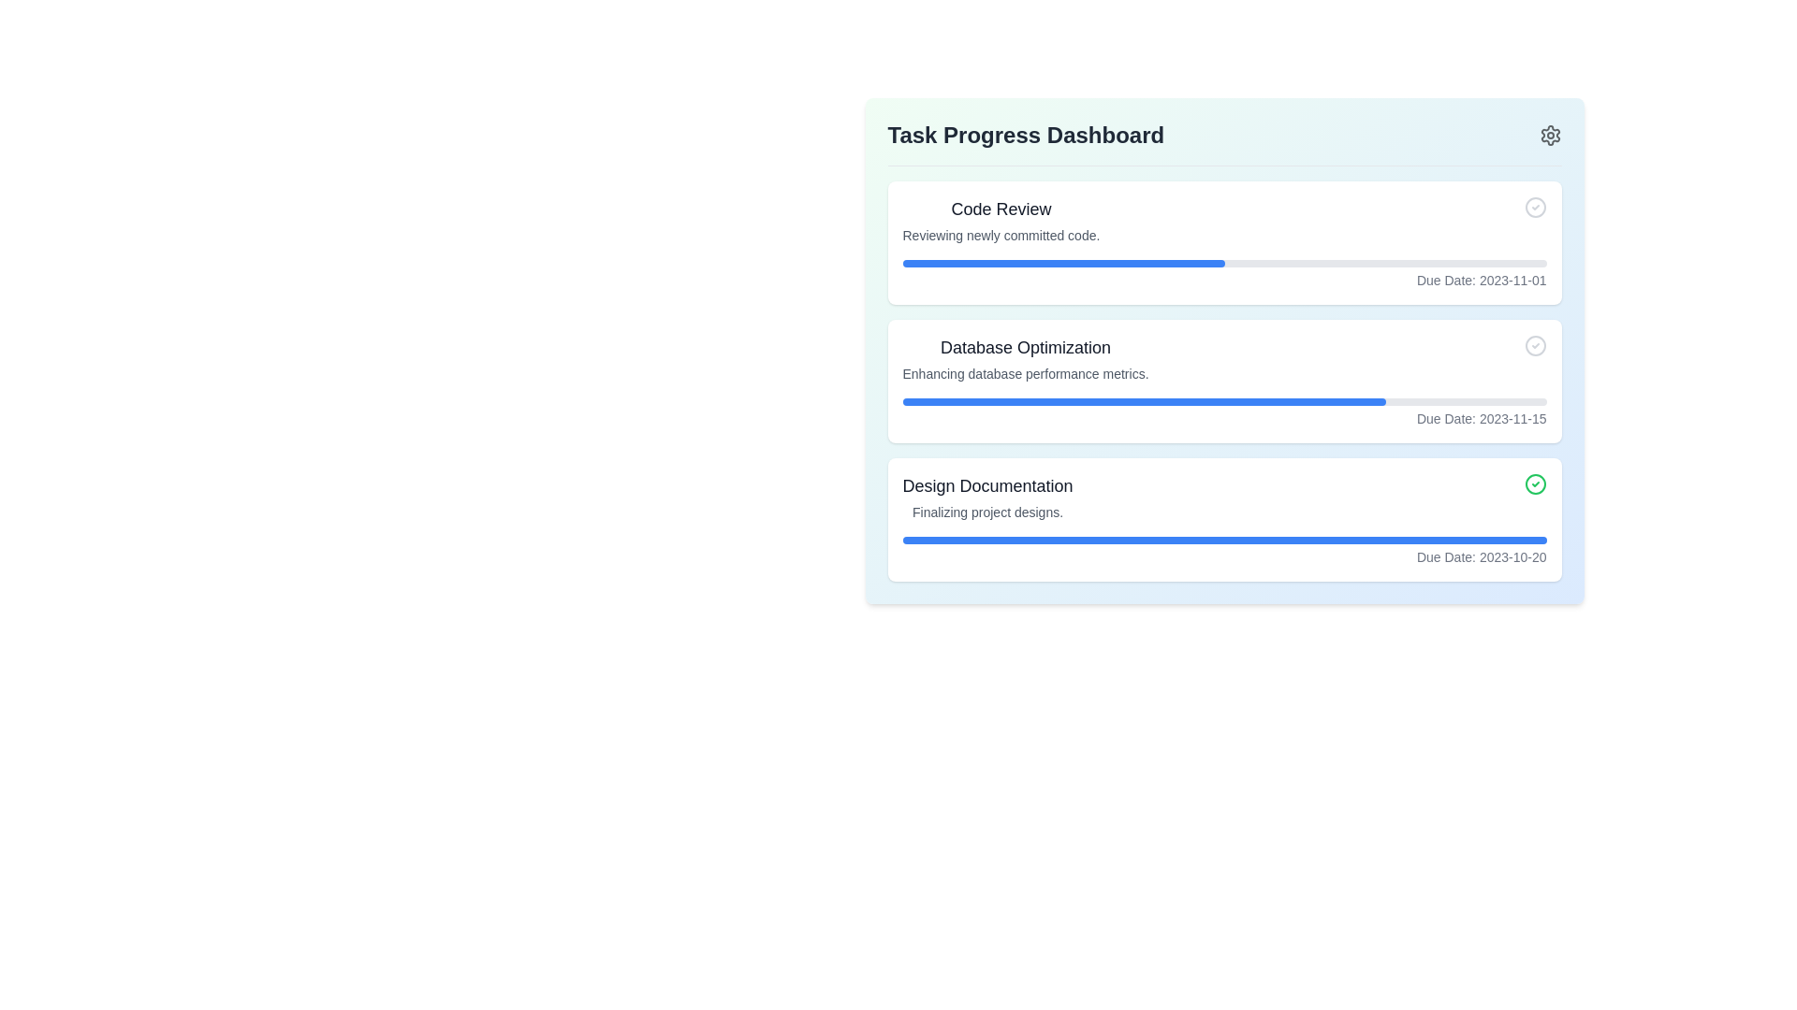 This screenshot has height=1010, width=1797. What do you see at coordinates (1535, 483) in the screenshot?
I see `the green circular icon with a checkmark inside, located at the far right of the row labeled 'Design Documentation'` at bounding box center [1535, 483].